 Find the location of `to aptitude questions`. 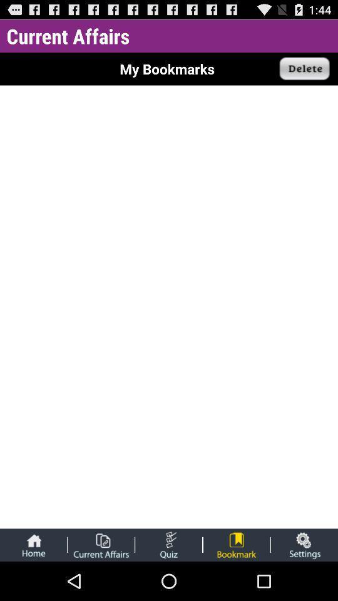

to aptitude questions is located at coordinates (168, 544).